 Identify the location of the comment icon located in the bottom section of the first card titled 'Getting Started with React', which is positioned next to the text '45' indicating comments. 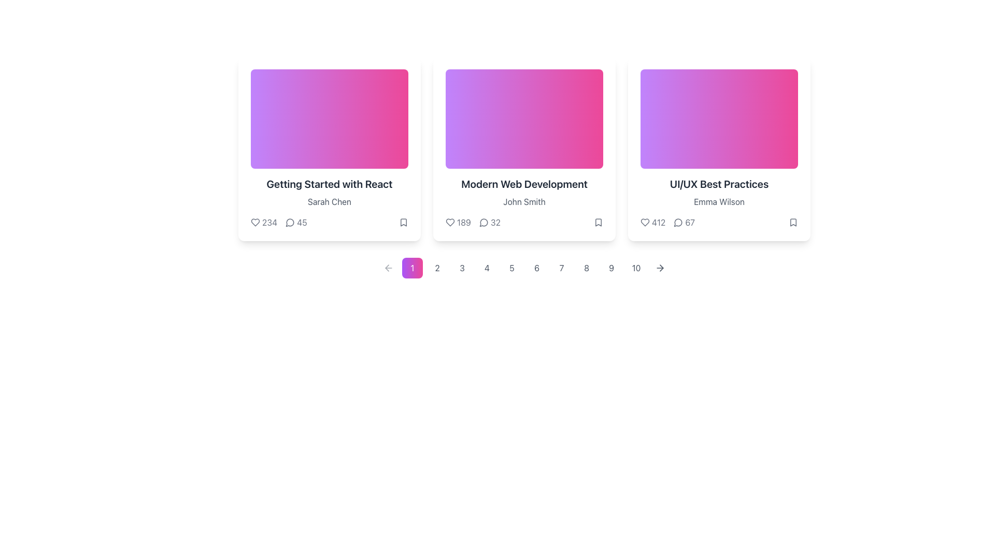
(290, 222).